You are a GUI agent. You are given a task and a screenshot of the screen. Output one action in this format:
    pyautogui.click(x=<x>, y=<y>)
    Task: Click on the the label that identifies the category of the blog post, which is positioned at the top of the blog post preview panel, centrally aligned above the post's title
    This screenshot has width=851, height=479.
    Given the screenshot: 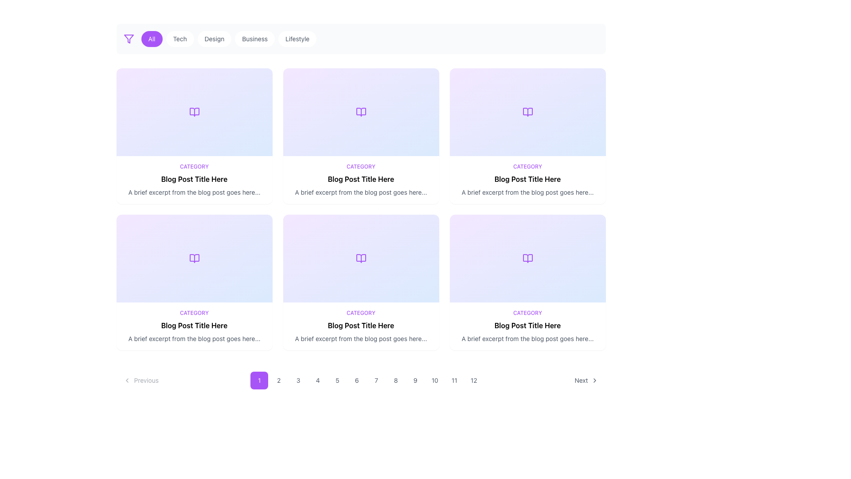 What is the action you would take?
    pyautogui.click(x=194, y=312)
    